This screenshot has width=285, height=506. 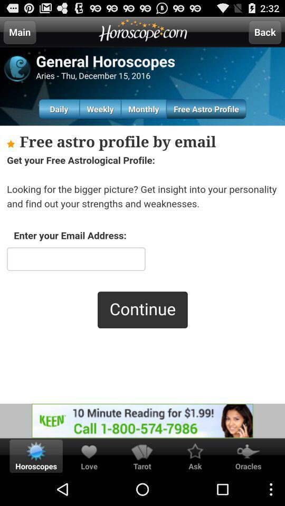 I want to click on favorites icon which is above ask, so click(x=195, y=451).